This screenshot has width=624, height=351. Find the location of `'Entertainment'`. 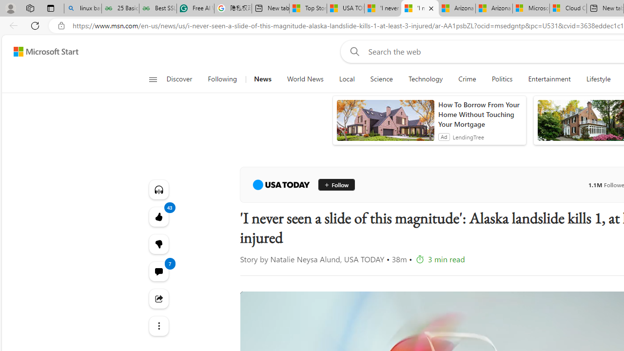

'Entertainment' is located at coordinates (549, 79).